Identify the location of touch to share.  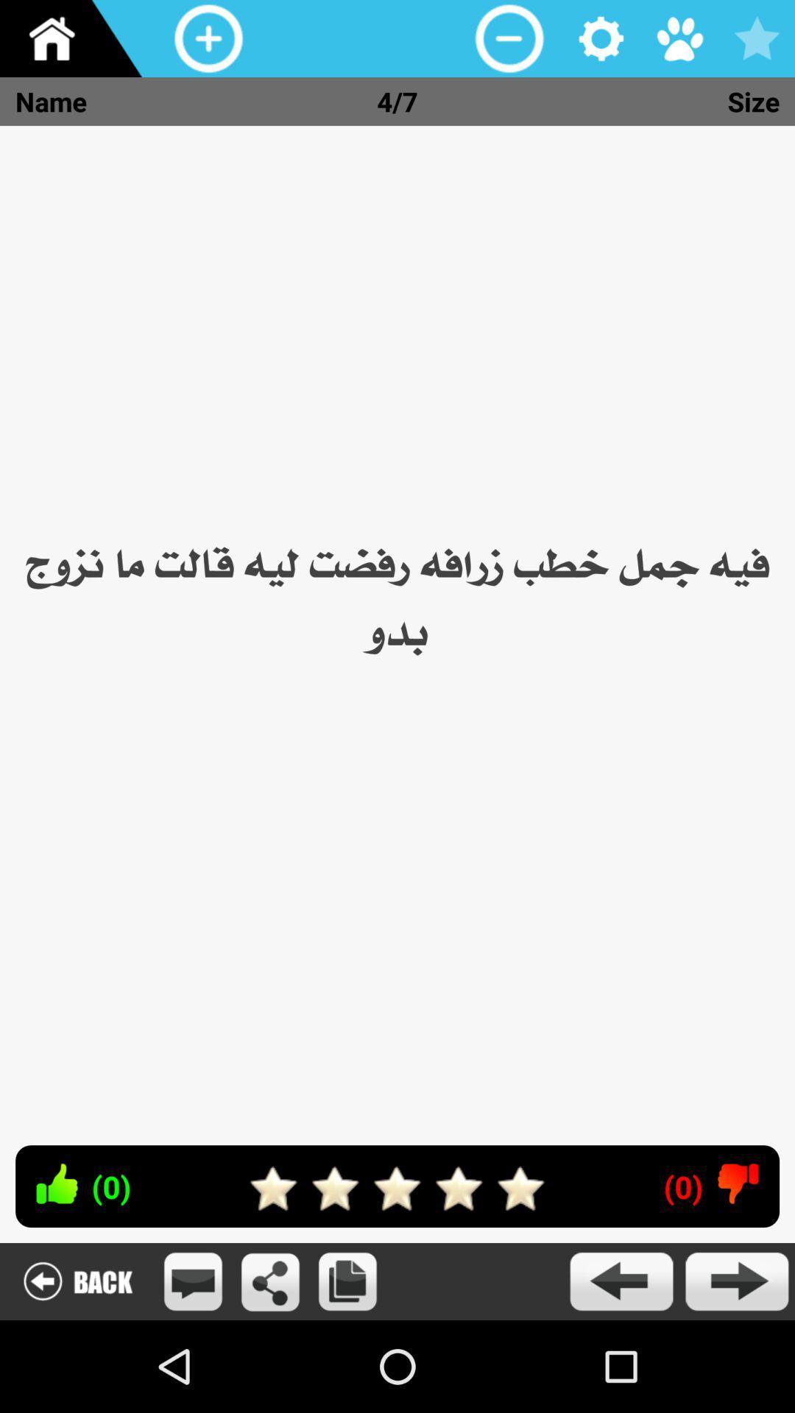
(270, 1281).